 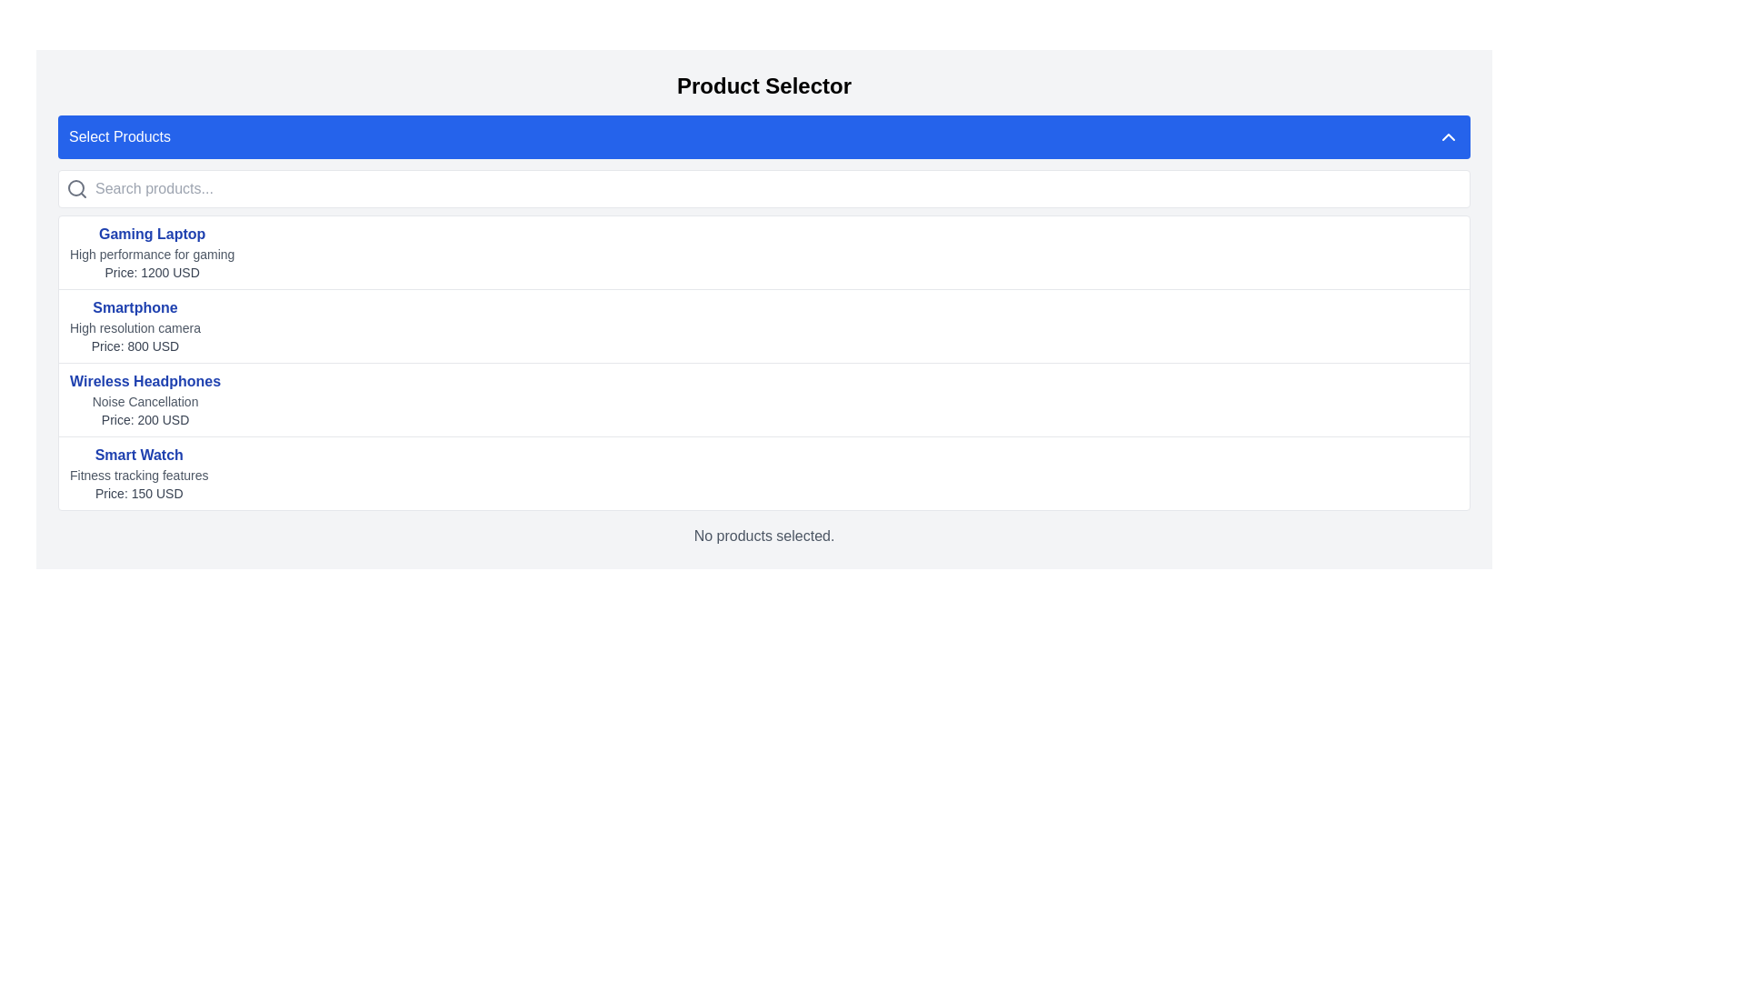 I want to click on the search icon located in the upper-left section of the search input bar, so click(x=76, y=189).